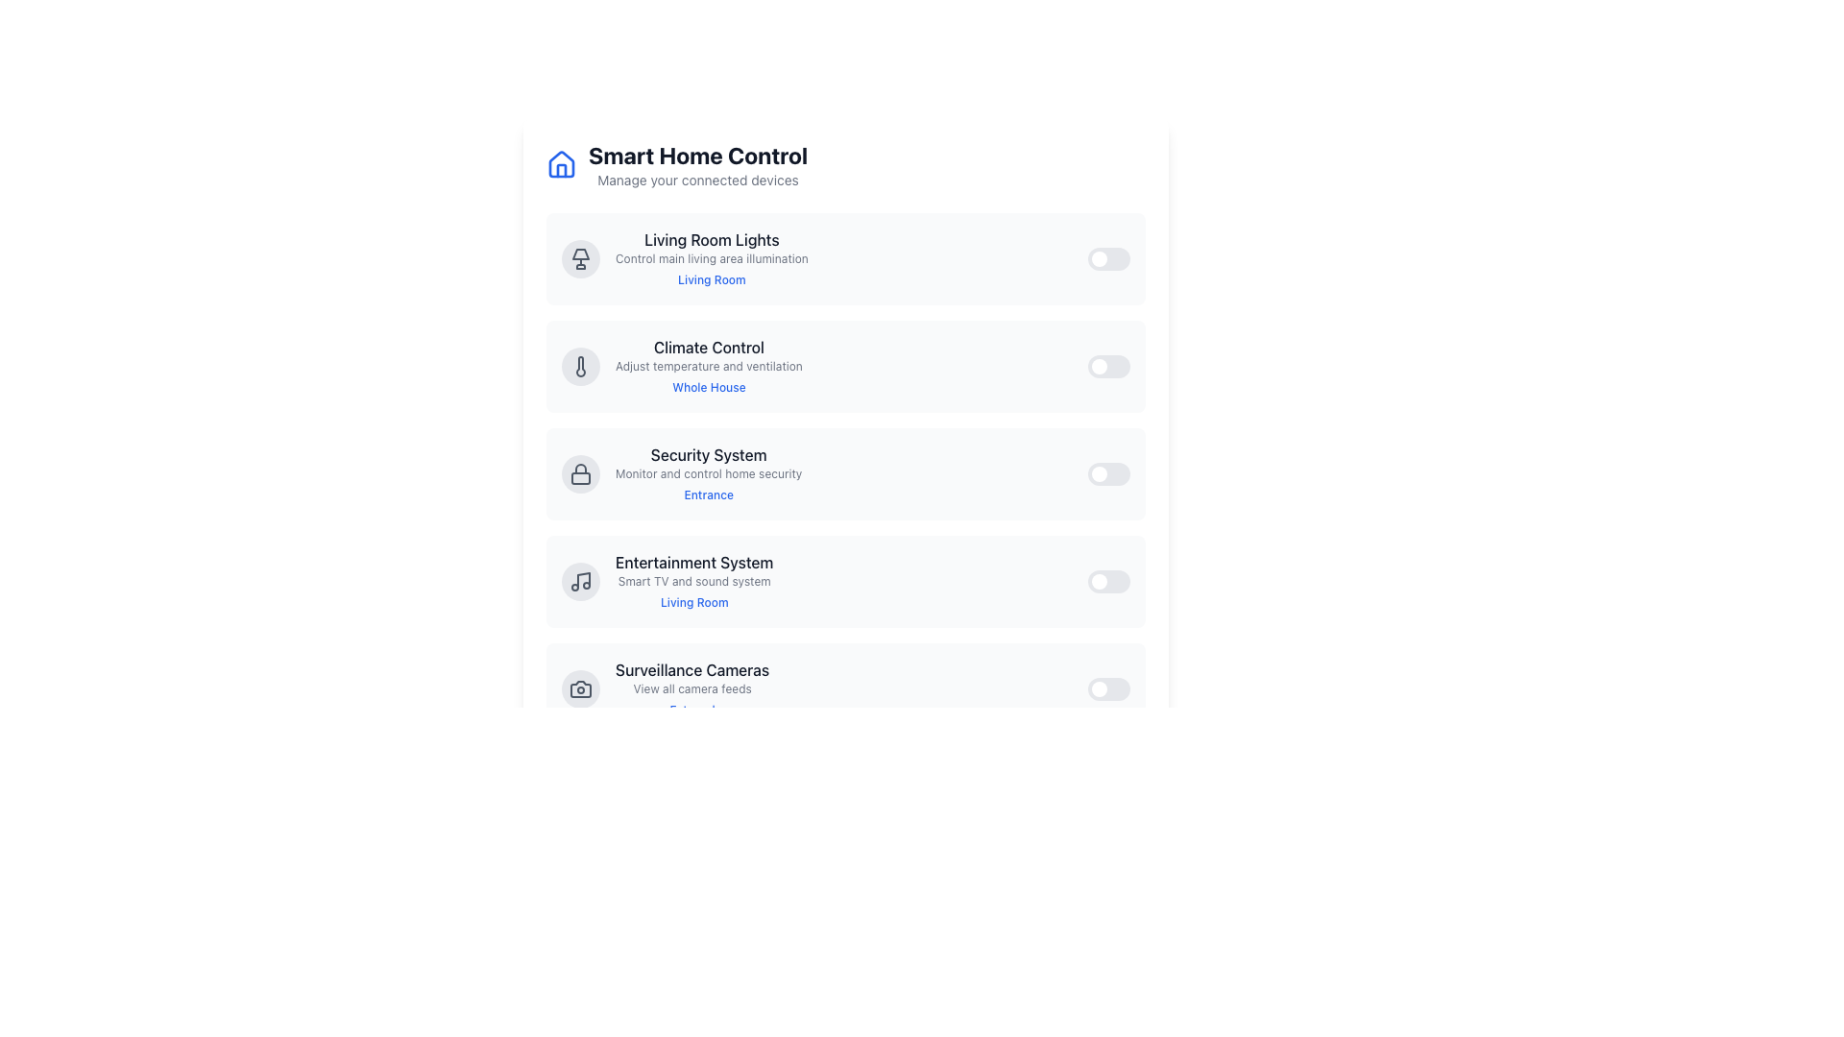 This screenshot has height=1037, width=1844. What do you see at coordinates (579, 366) in the screenshot?
I see `the Climate Control icon located in the second row of the list items within the Climate Control section, which represents temperature adjustment and ventilation` at bounding box center [579, 366].